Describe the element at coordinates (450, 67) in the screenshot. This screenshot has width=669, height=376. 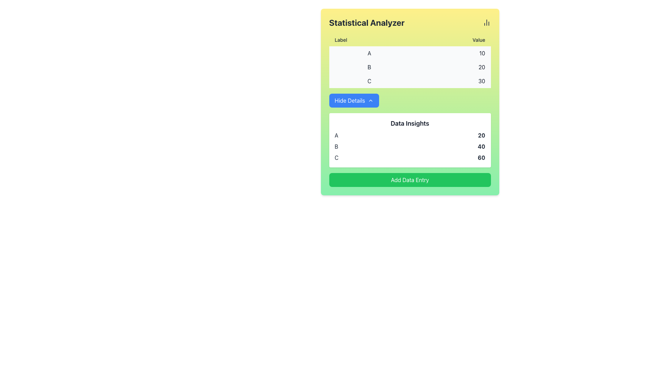
I see `numerical value '20' displayed in the second row under the 'Value' column of the table, which is right-aligned on a pale yellow background` at that location.